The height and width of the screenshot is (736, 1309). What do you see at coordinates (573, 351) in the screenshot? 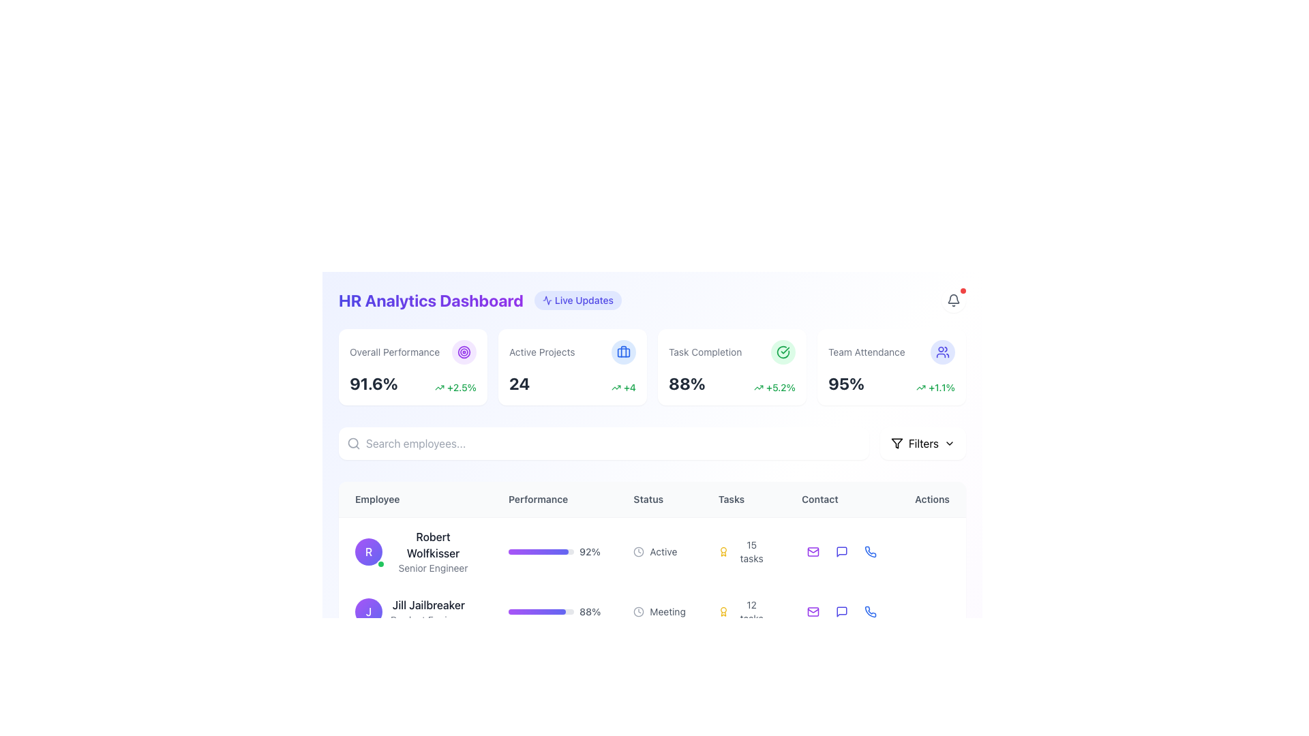
I see `the briefcase icon in the Text and icon composite UI element, which represents the number of active projects within the system, located in the second metric card from the left` at bounding box center [573, 351].